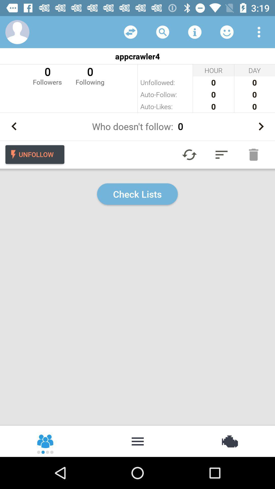 The width and height of the screenshot is (275, 489). Describe the element at coordinates (253, 154) in the screenshot. I see `the delete icon` at that location.